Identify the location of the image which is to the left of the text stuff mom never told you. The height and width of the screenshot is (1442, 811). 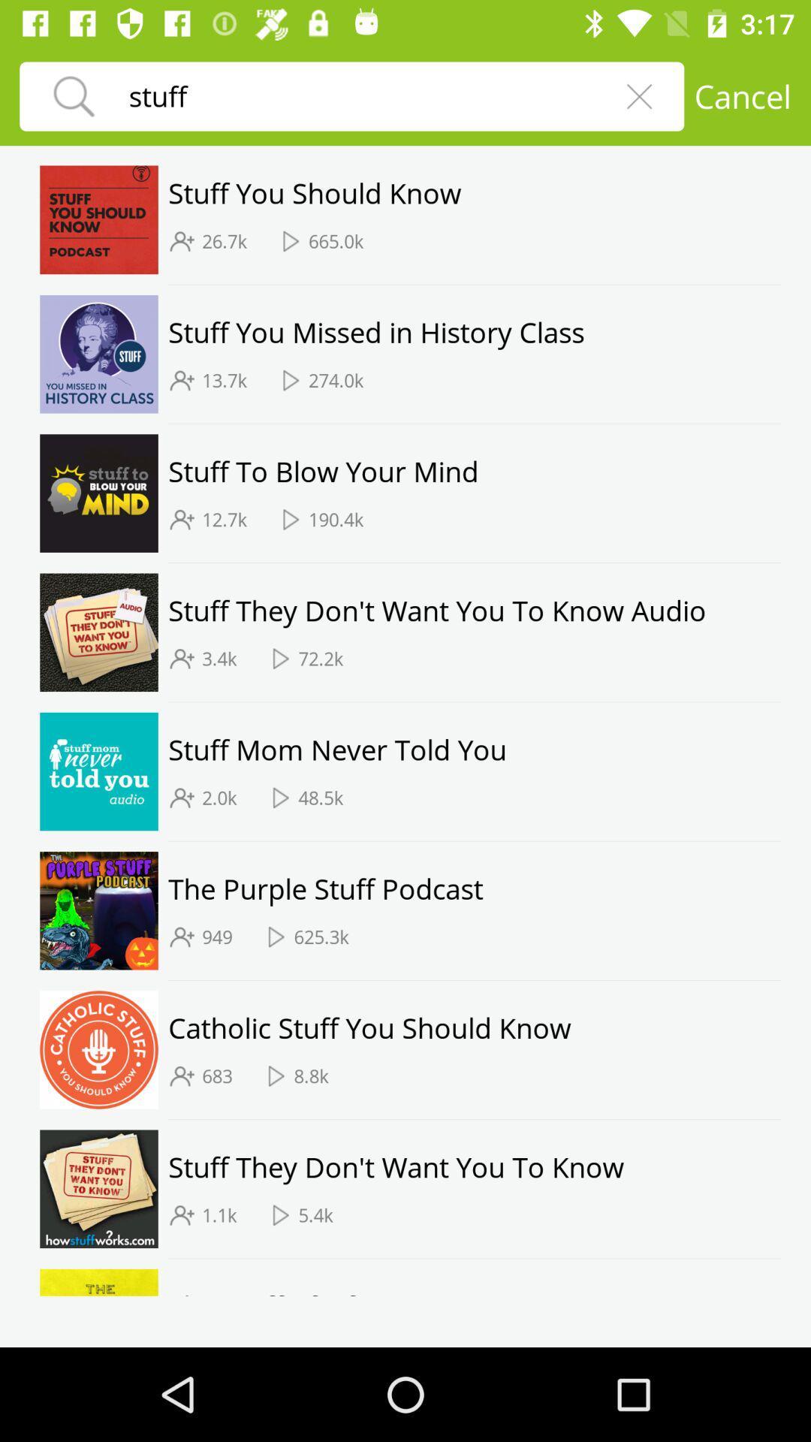
(98, 771).